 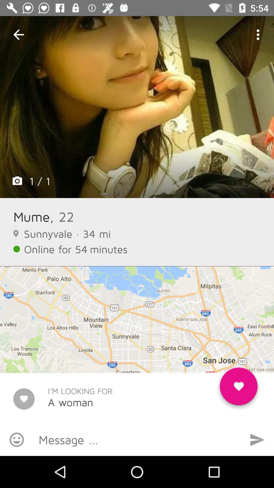 I want to click on i can type in a message to mume here, so click(x=137, y=439).